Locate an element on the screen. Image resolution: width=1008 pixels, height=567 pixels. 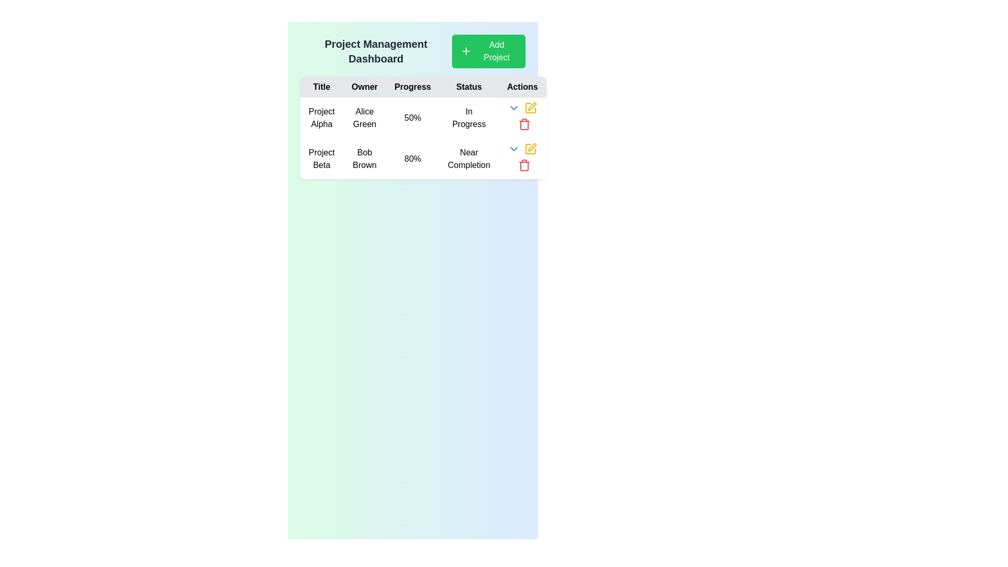
data displayed in the second row of the project information table, which is located below the header and above subsequent rows is located at coordinates (423, 159).